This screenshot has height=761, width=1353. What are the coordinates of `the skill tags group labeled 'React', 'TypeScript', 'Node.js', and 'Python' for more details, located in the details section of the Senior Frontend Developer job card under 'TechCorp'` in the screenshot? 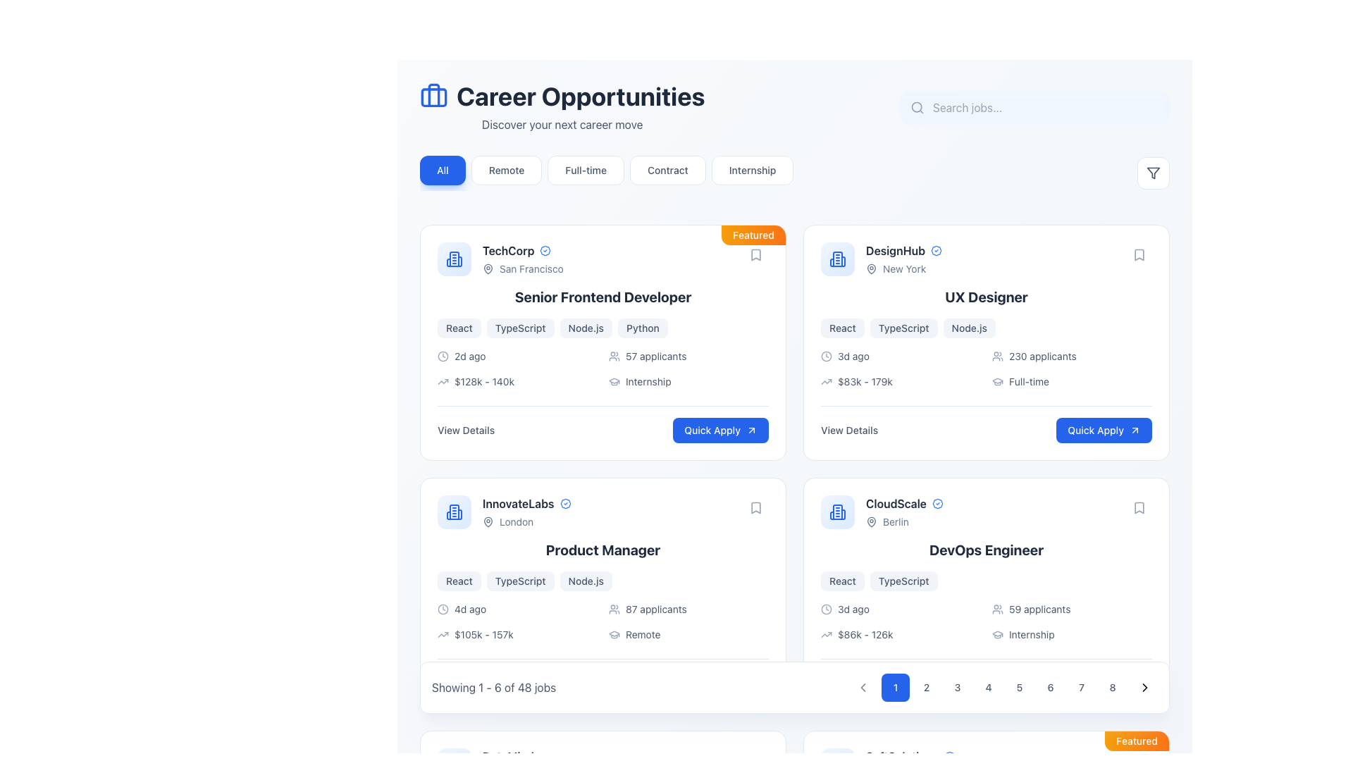 It's located at (603, 328).